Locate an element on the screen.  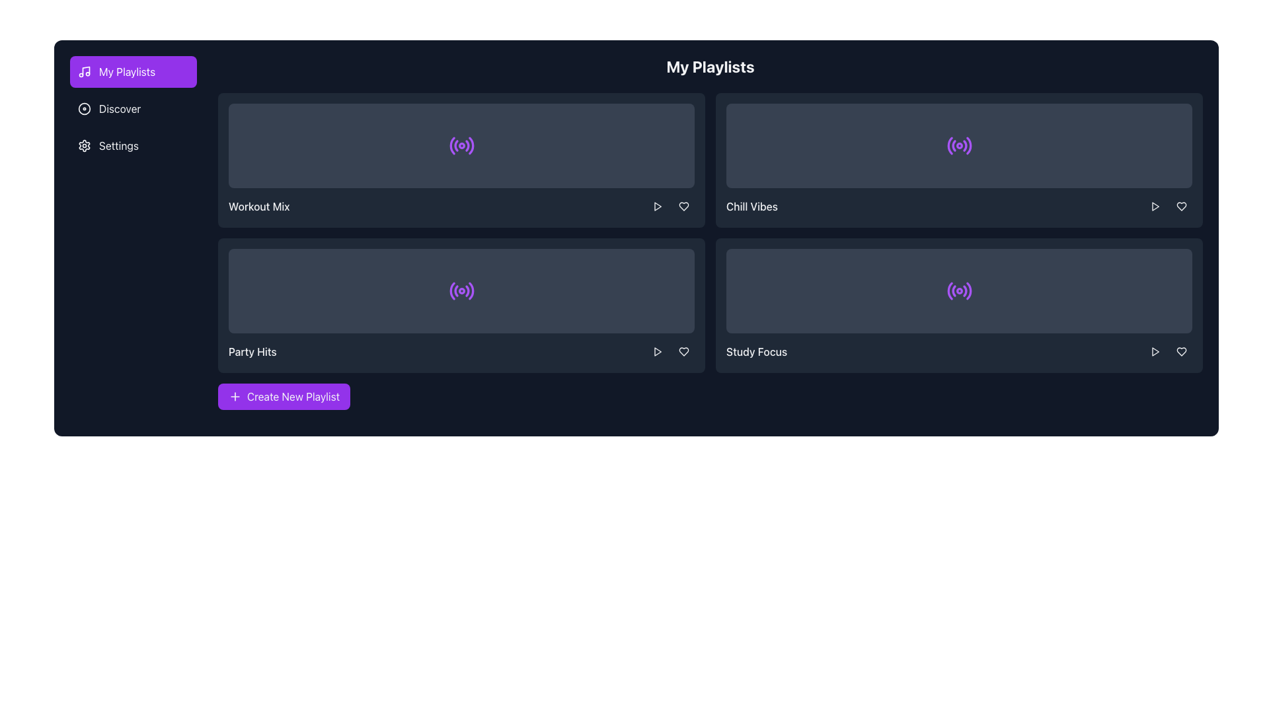
the heart-shaped button located on the right side of the second playlist row under the 'Chill Vibes' label to trigger the background color transition is located at coordinates (684, 206).